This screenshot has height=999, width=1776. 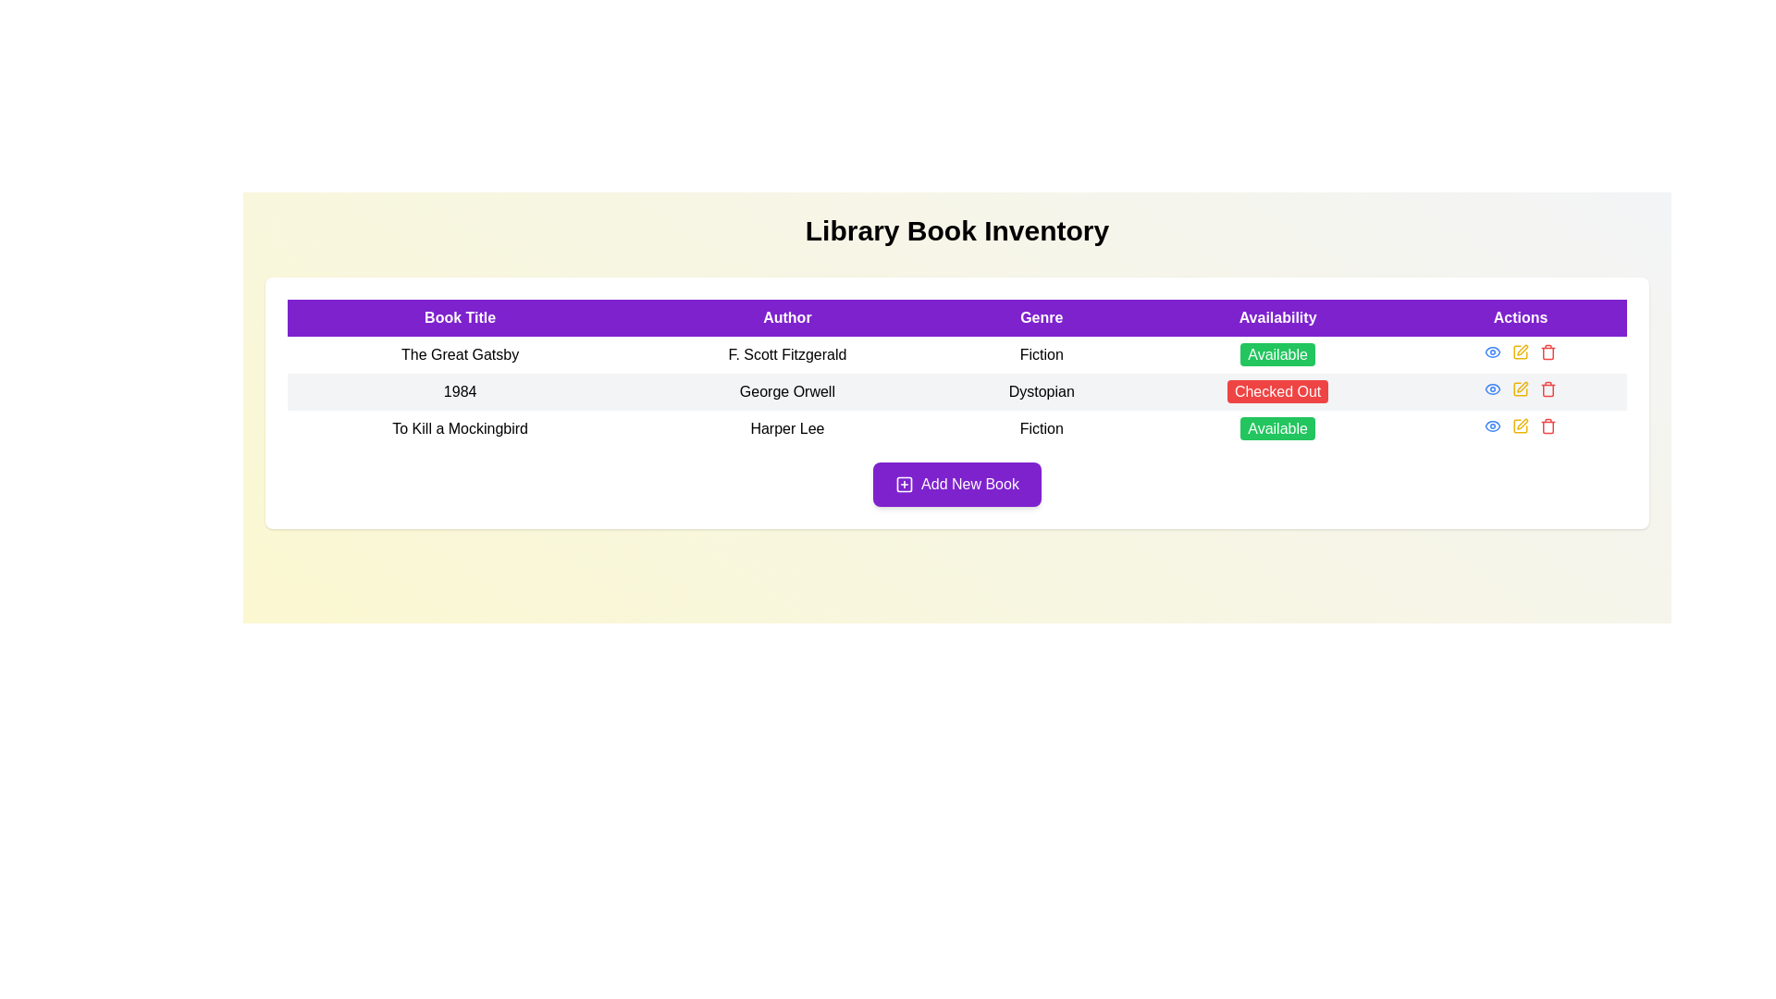 What do you see at coordinates (957, 428) in the screenshot?
I see `the book title 'To Kill a Mockingbird' in the third row of the 'Library Book Inventory' table` at bounding box center [957, 428].